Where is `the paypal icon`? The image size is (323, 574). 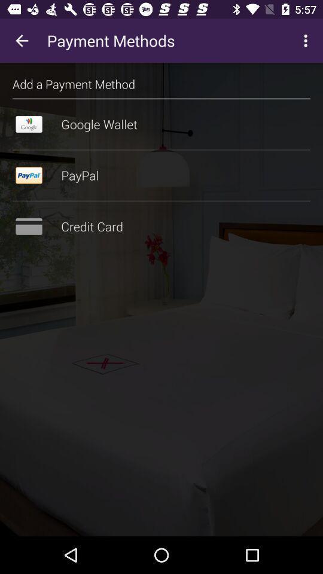 the paypal icon is located at coordinates (161, 175).